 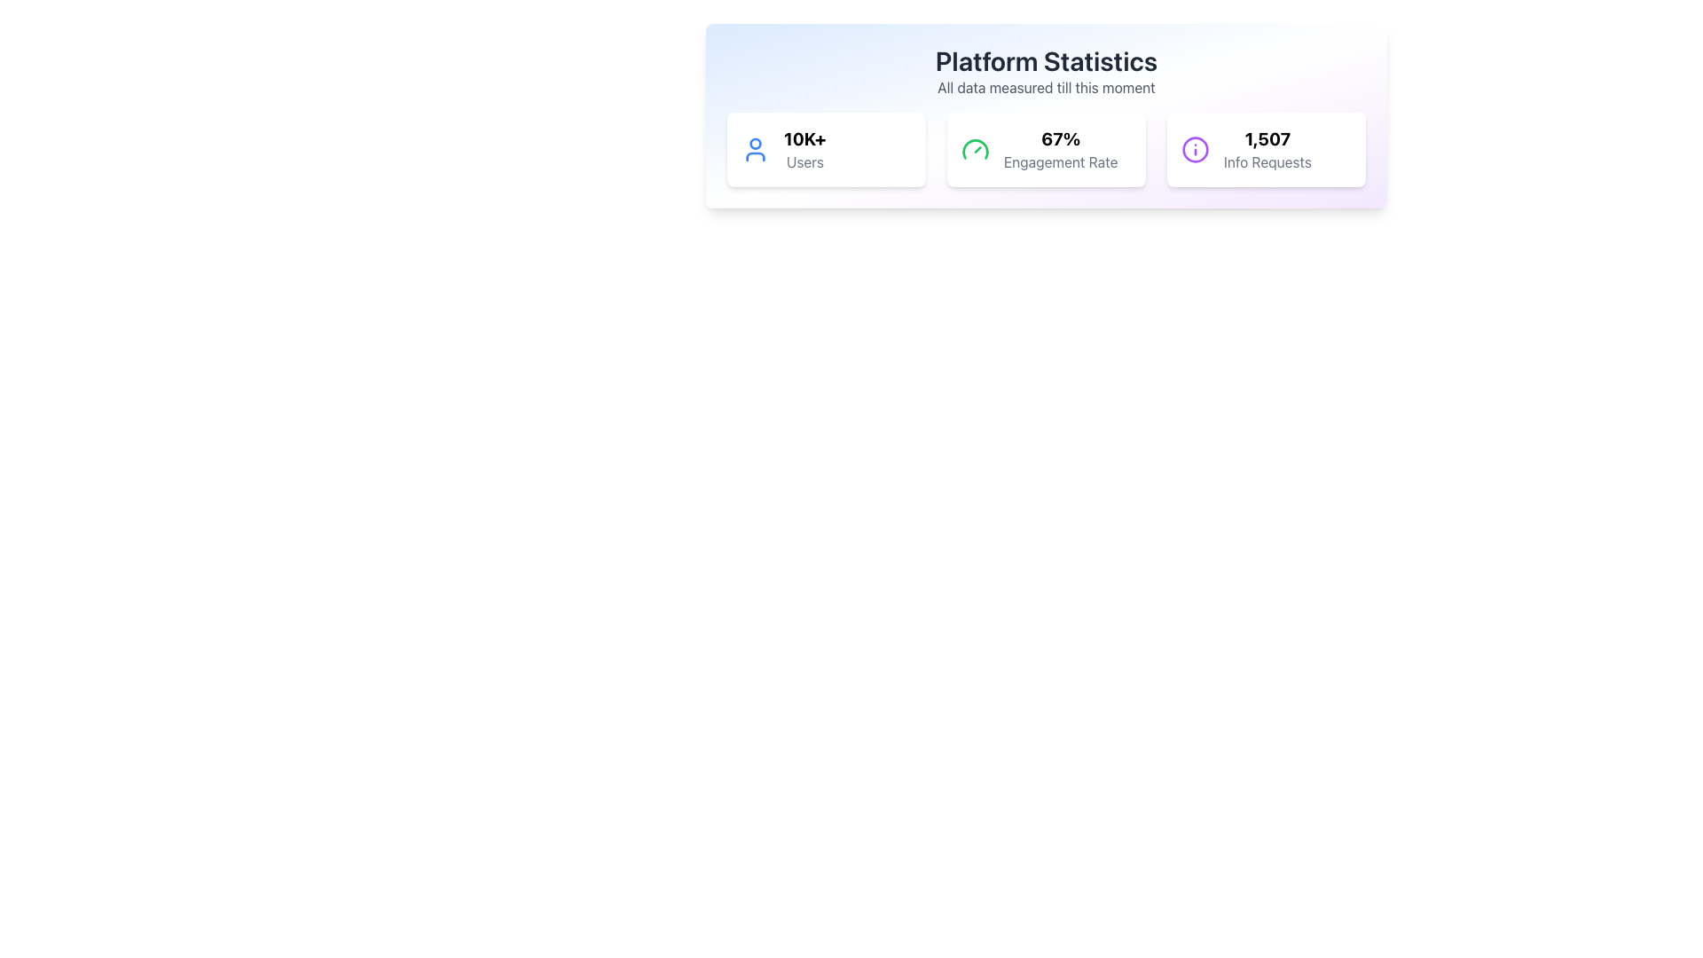 I want to click on the label displaying the numeric value '10K+' which represents user statistics, positioned above the text 'Users' and aligned with a person icon, so click(x=804, y=138).